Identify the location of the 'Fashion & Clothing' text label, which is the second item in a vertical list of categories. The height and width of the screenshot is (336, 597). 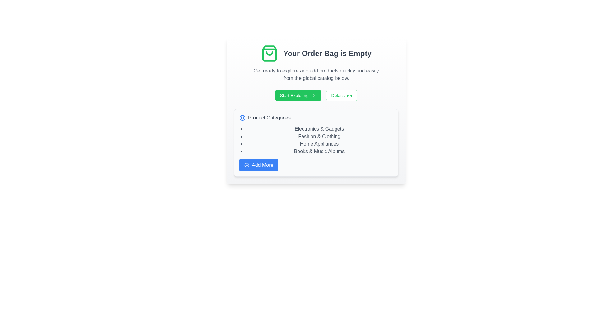
(319, 136).